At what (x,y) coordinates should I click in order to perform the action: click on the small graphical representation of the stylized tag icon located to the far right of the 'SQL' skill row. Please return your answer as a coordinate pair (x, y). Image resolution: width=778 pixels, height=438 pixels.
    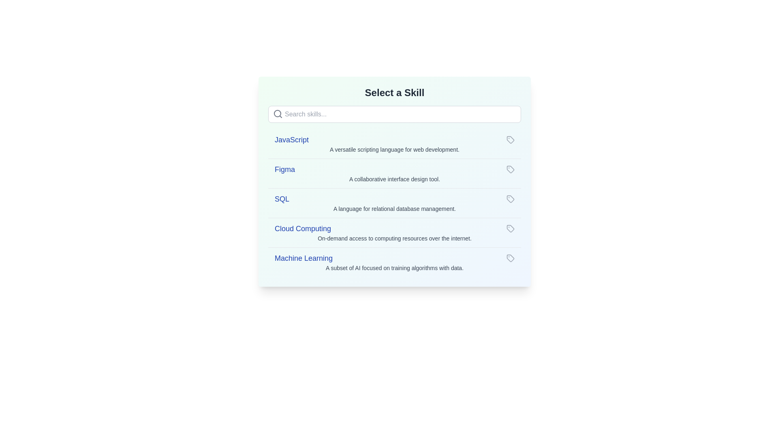
    Looking at the image, I should click on (510, 199).